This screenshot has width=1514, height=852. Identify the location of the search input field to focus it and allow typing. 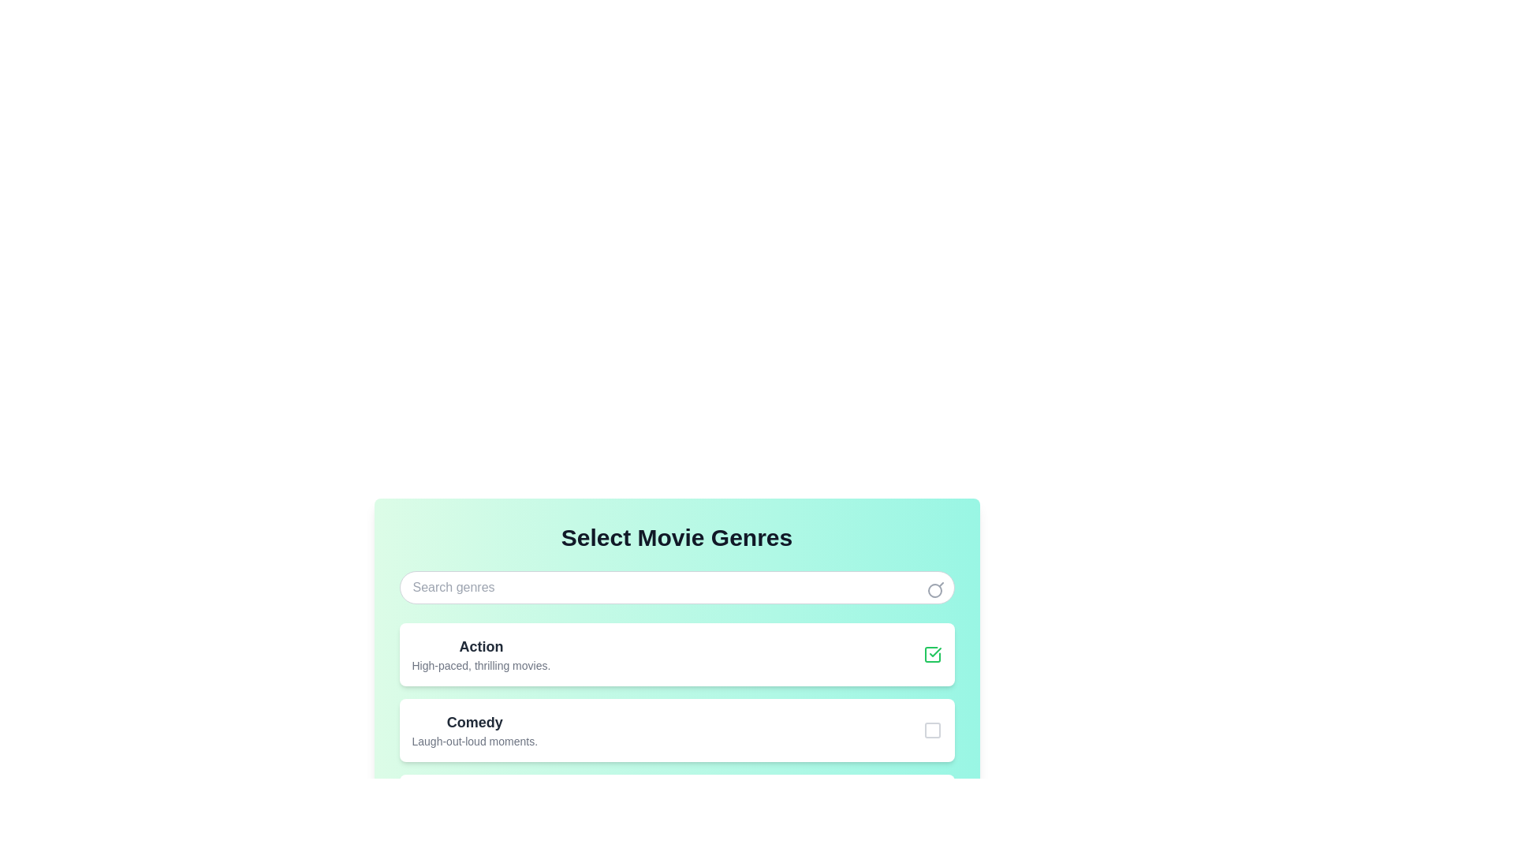
(677, 587).